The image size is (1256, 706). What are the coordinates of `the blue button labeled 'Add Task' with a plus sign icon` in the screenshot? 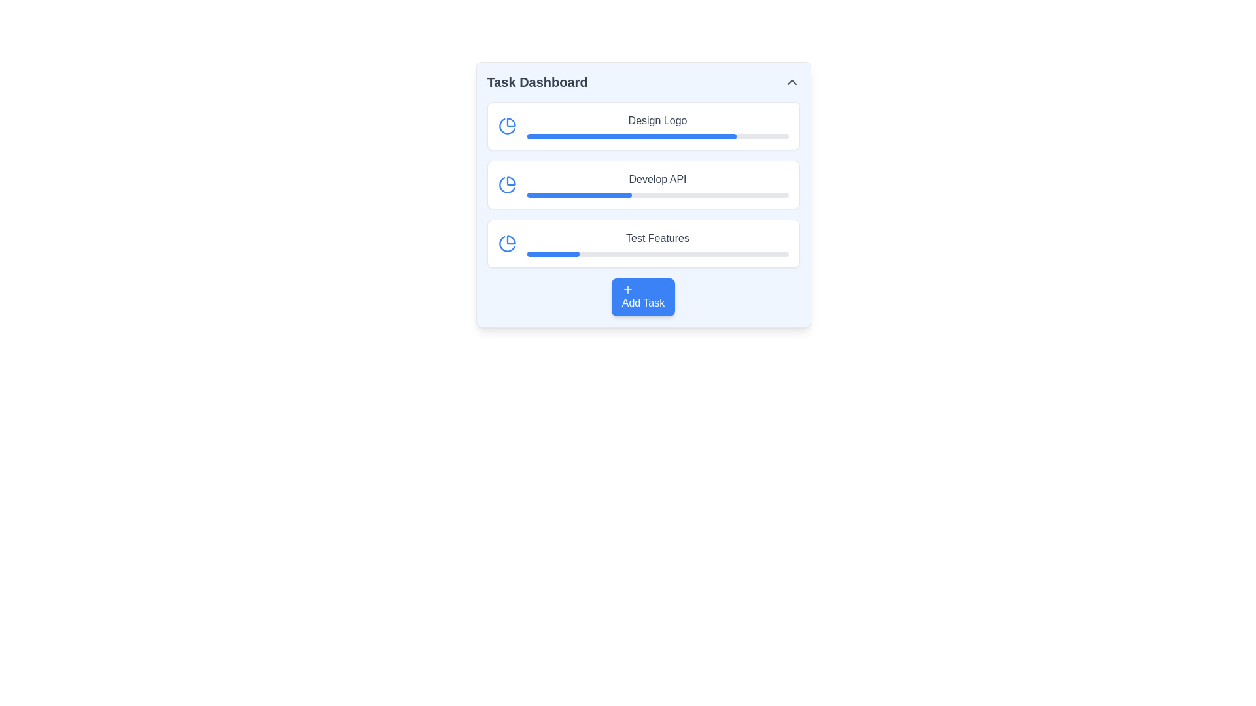 It's located at (643, 297).